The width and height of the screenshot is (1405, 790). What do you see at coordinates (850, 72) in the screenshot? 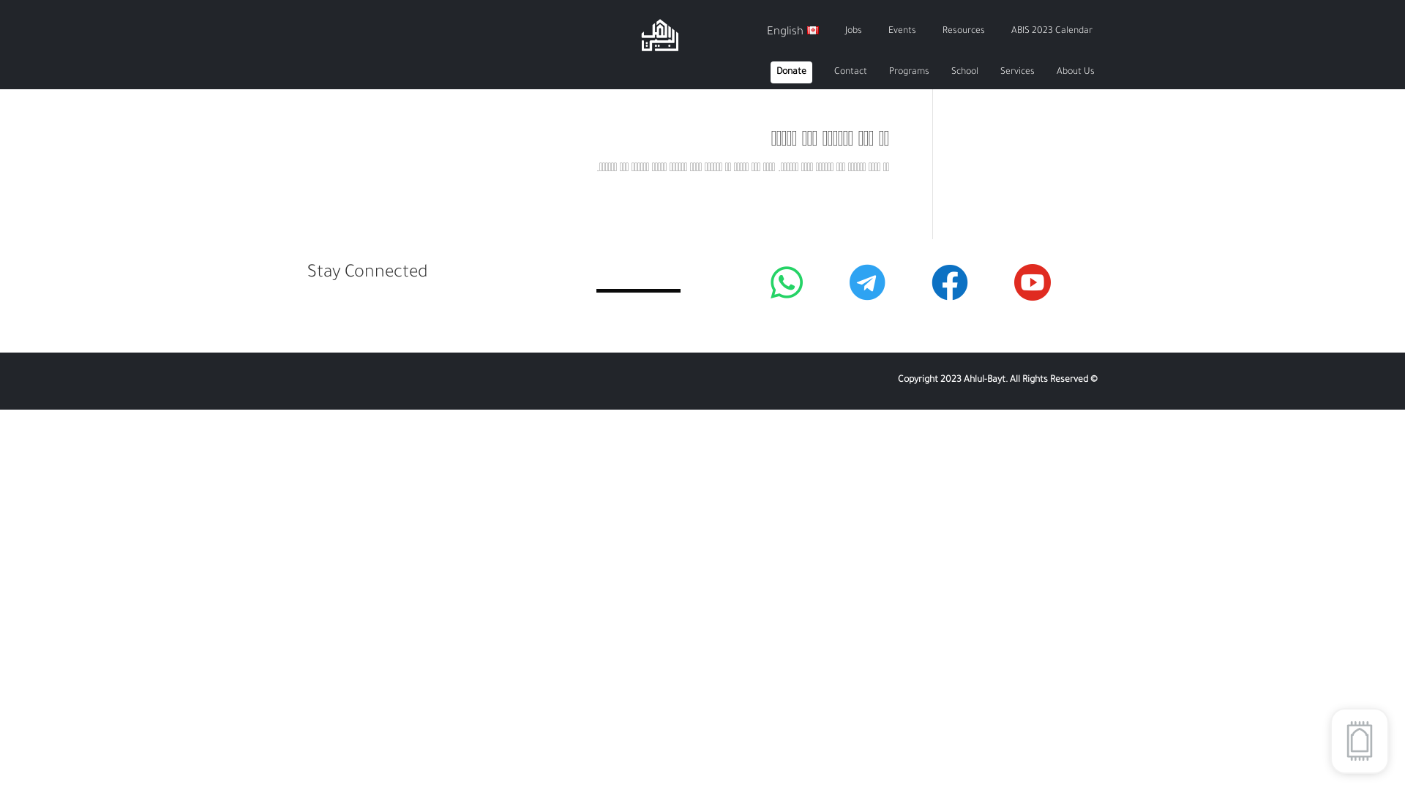
I see `'Contact'` at bounding box center [850, 72].